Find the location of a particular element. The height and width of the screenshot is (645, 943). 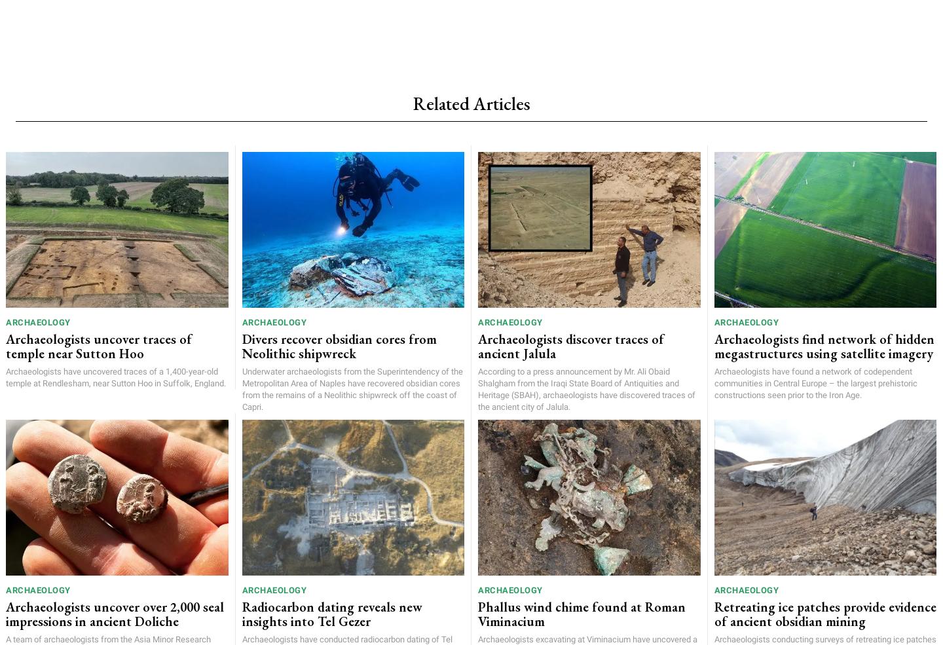

'According to a press announcement by Mr. Ali Obaid Shalgham from the Iraqi State Board of Antiquities and Heritage (SBAH), archaeologists have discovered traces of the ancient city of Jalula.' is located at coordinates (585, 388).